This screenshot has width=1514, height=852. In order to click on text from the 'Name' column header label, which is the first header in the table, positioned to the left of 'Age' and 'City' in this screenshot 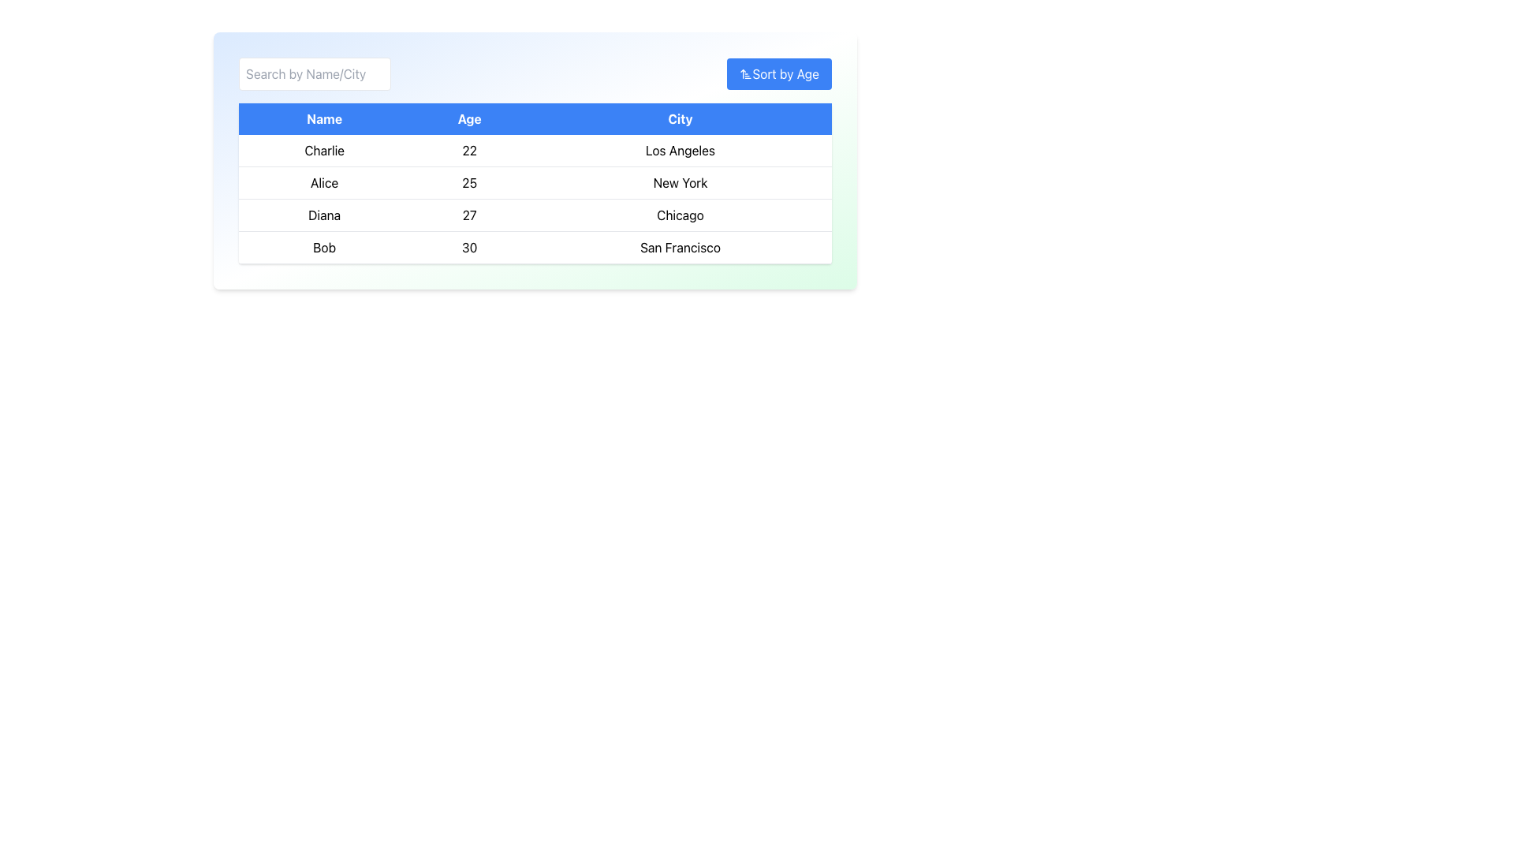, I will do `click(323, 118)`.